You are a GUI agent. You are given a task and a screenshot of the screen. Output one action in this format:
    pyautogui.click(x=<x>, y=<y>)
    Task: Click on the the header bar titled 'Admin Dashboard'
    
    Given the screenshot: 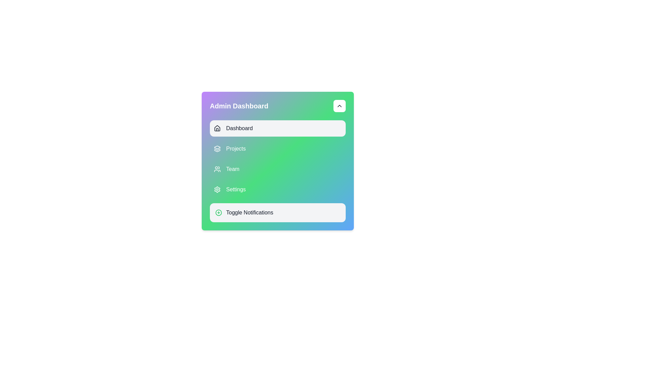 What is the action you would take?
    pyautogui.click(x=277, y=106)
    